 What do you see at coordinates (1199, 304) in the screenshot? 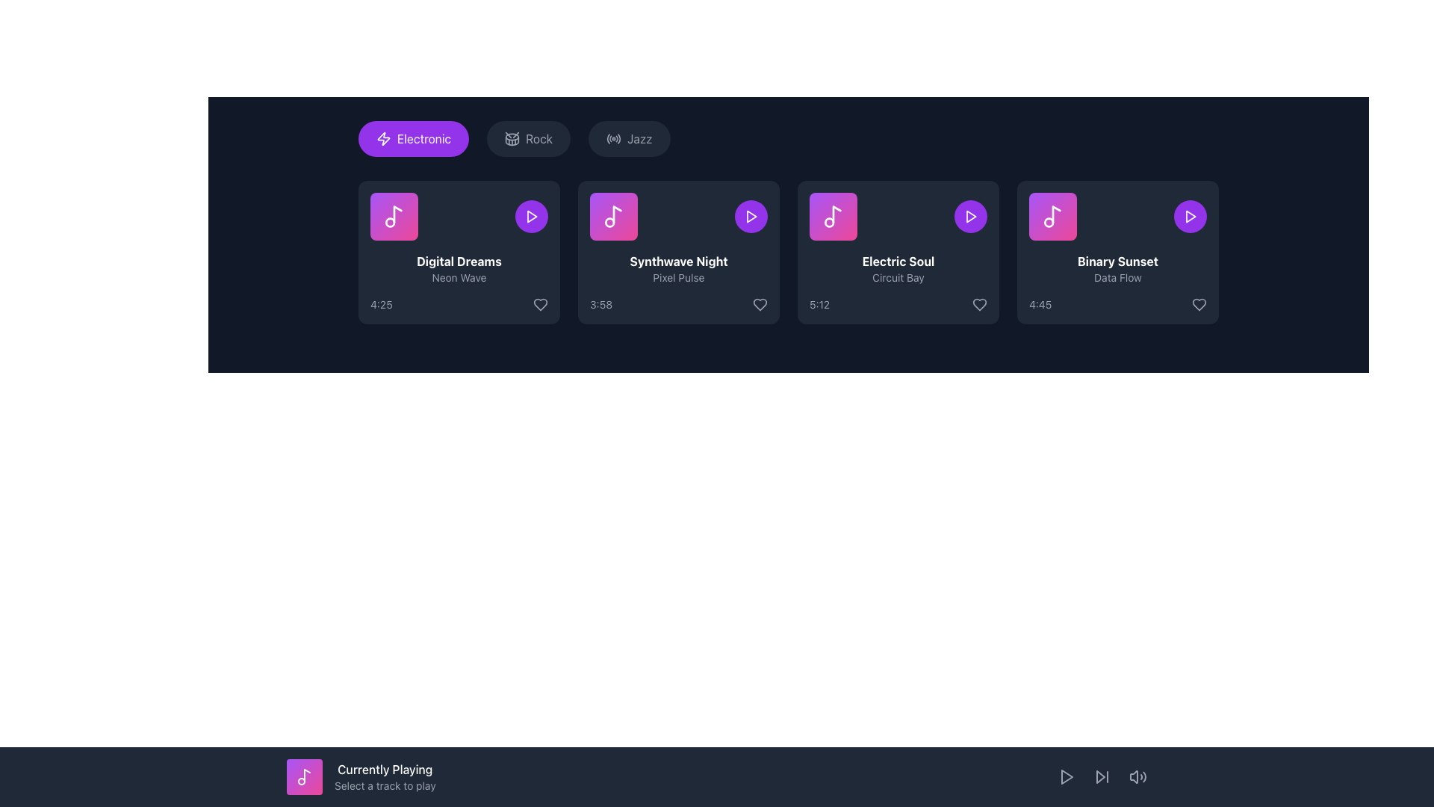
I see `the heart-shaped button icon in the lower-right corner of the 'Binary Sunset' track card` at bounding box center [1199, 304].